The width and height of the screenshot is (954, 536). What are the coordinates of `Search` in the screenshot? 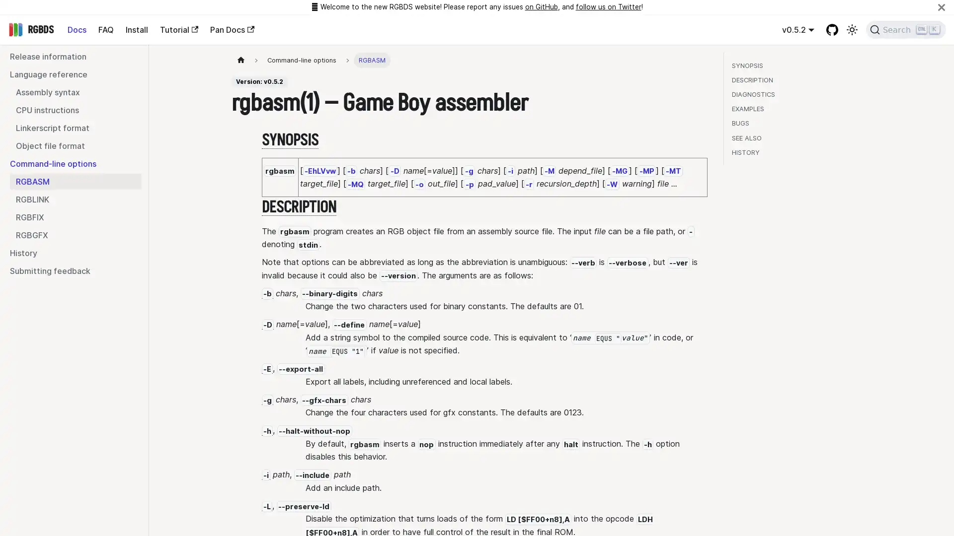 It's located at (906, 29).